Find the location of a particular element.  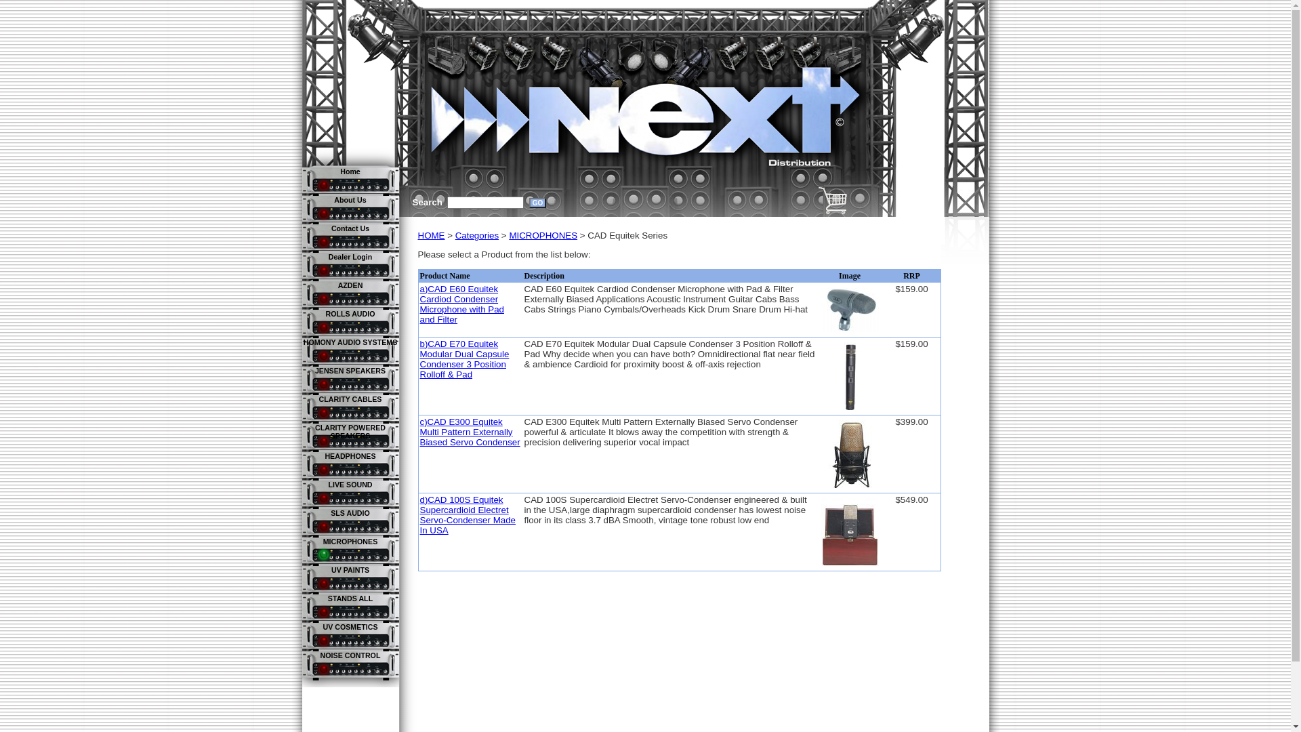

'About Us' is located at coordinates (334, 199).